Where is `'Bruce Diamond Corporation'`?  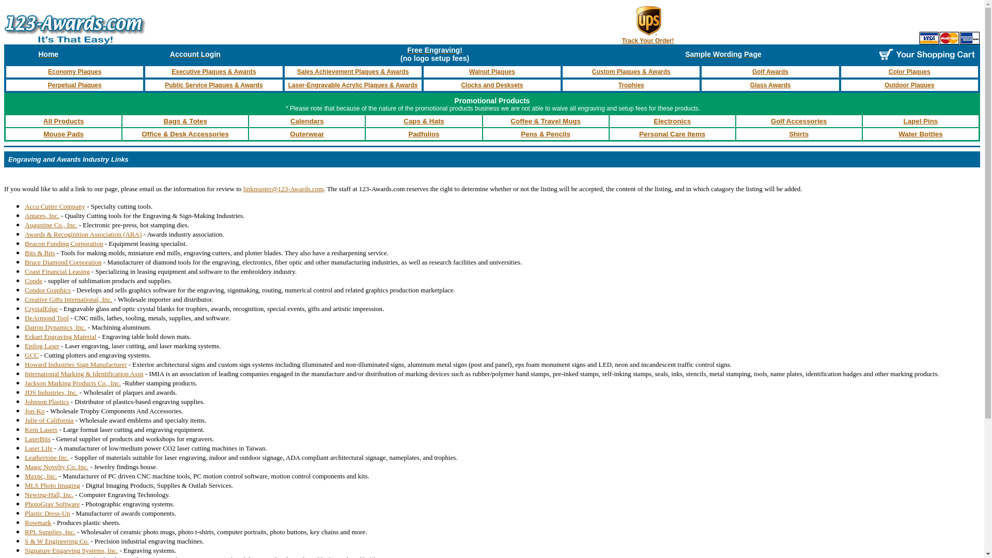 'Bruce Diamond Corporation' is located at coordinates (63, 261).